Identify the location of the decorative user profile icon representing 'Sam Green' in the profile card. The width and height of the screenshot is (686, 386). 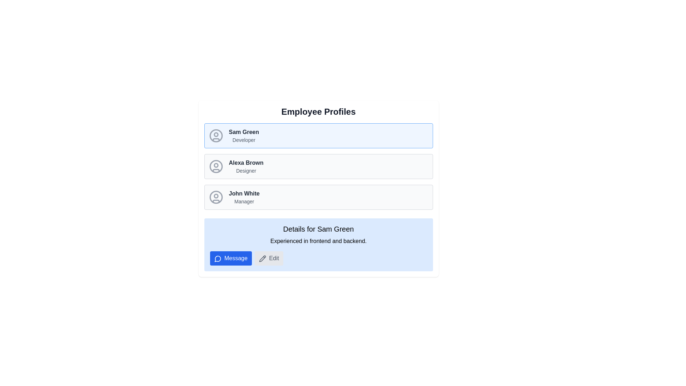
(215, 140).